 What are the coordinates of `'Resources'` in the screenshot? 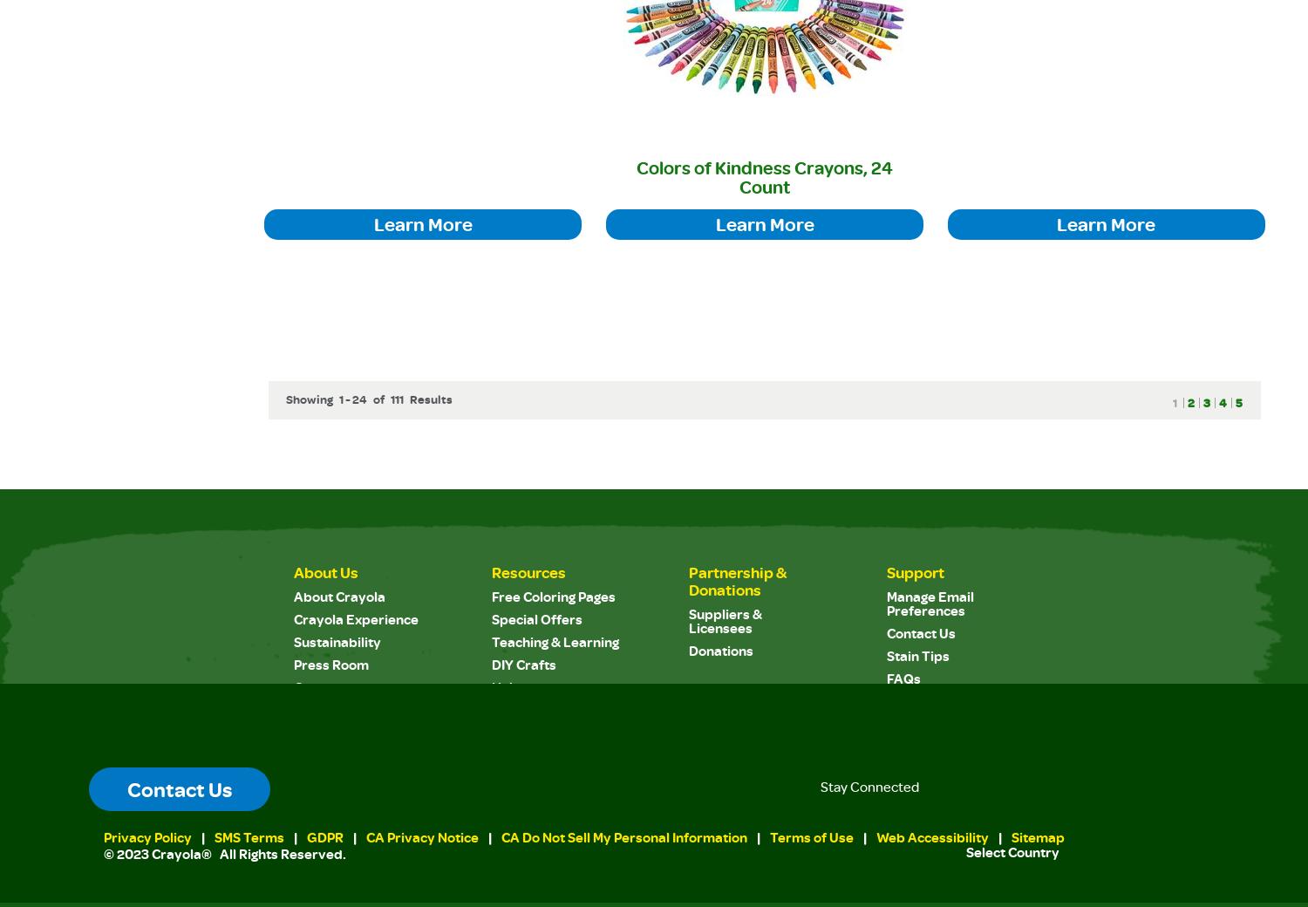 It's located at (490, 572).